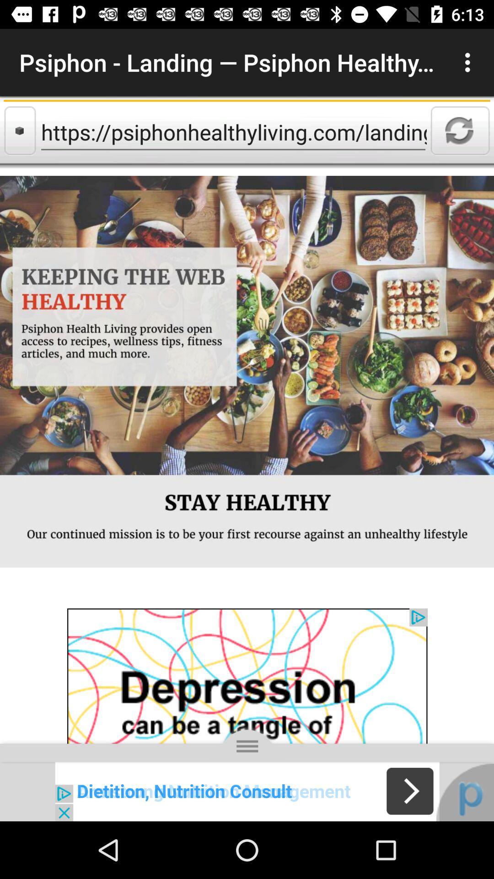 Image resolution: width=494 pixels, height=879 pixels. What do you see at coordinates (460, 130) in the screenshot?
I see `the refresh icon` at bounding box center [460, 130].